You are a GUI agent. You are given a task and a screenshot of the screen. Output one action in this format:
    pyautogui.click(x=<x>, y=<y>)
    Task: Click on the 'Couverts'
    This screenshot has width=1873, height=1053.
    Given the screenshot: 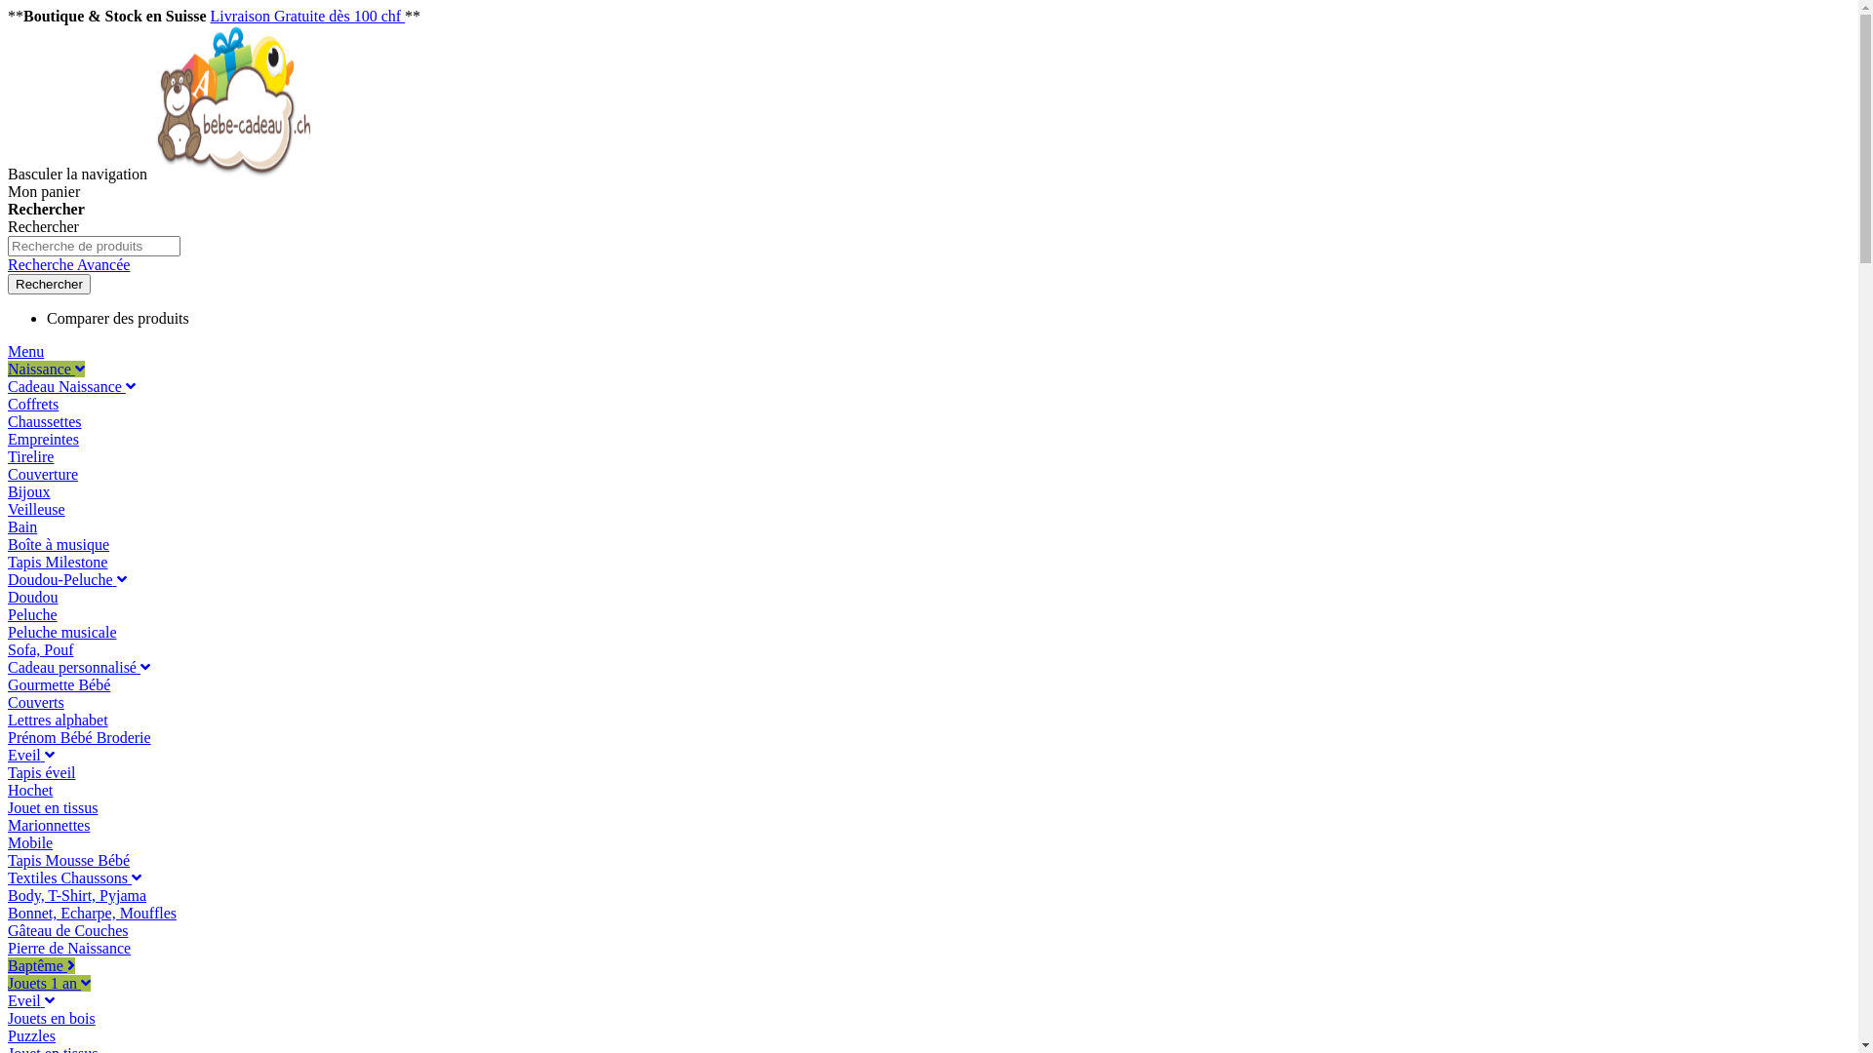 What is the action you would take?
    pyautogui.click(x=36, y=702)
    